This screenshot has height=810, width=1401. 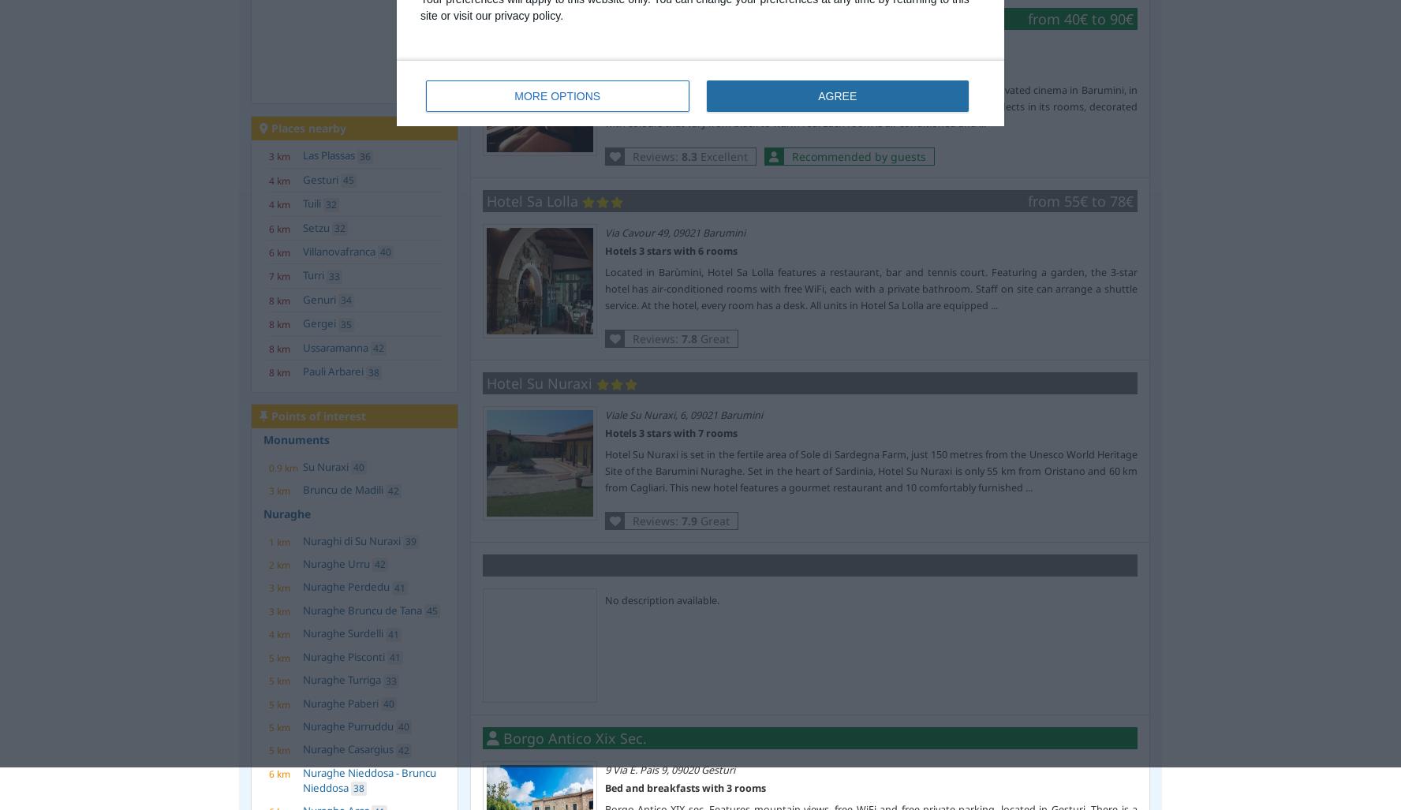 What do you see at coordinates (336, 562) in the screenshot?
I see `'Nuraghe Urru'` at bounding box center [336, 562].